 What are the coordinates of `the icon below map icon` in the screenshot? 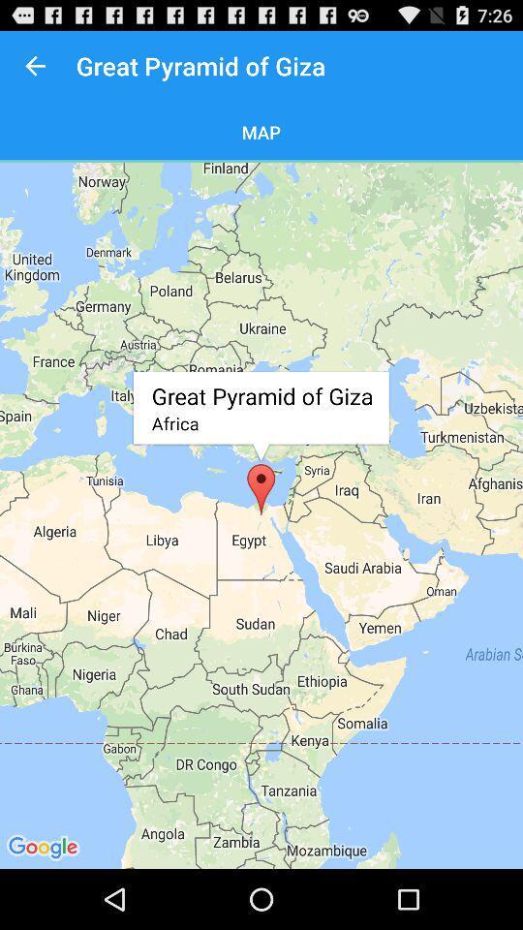 It's located at (261, 514).